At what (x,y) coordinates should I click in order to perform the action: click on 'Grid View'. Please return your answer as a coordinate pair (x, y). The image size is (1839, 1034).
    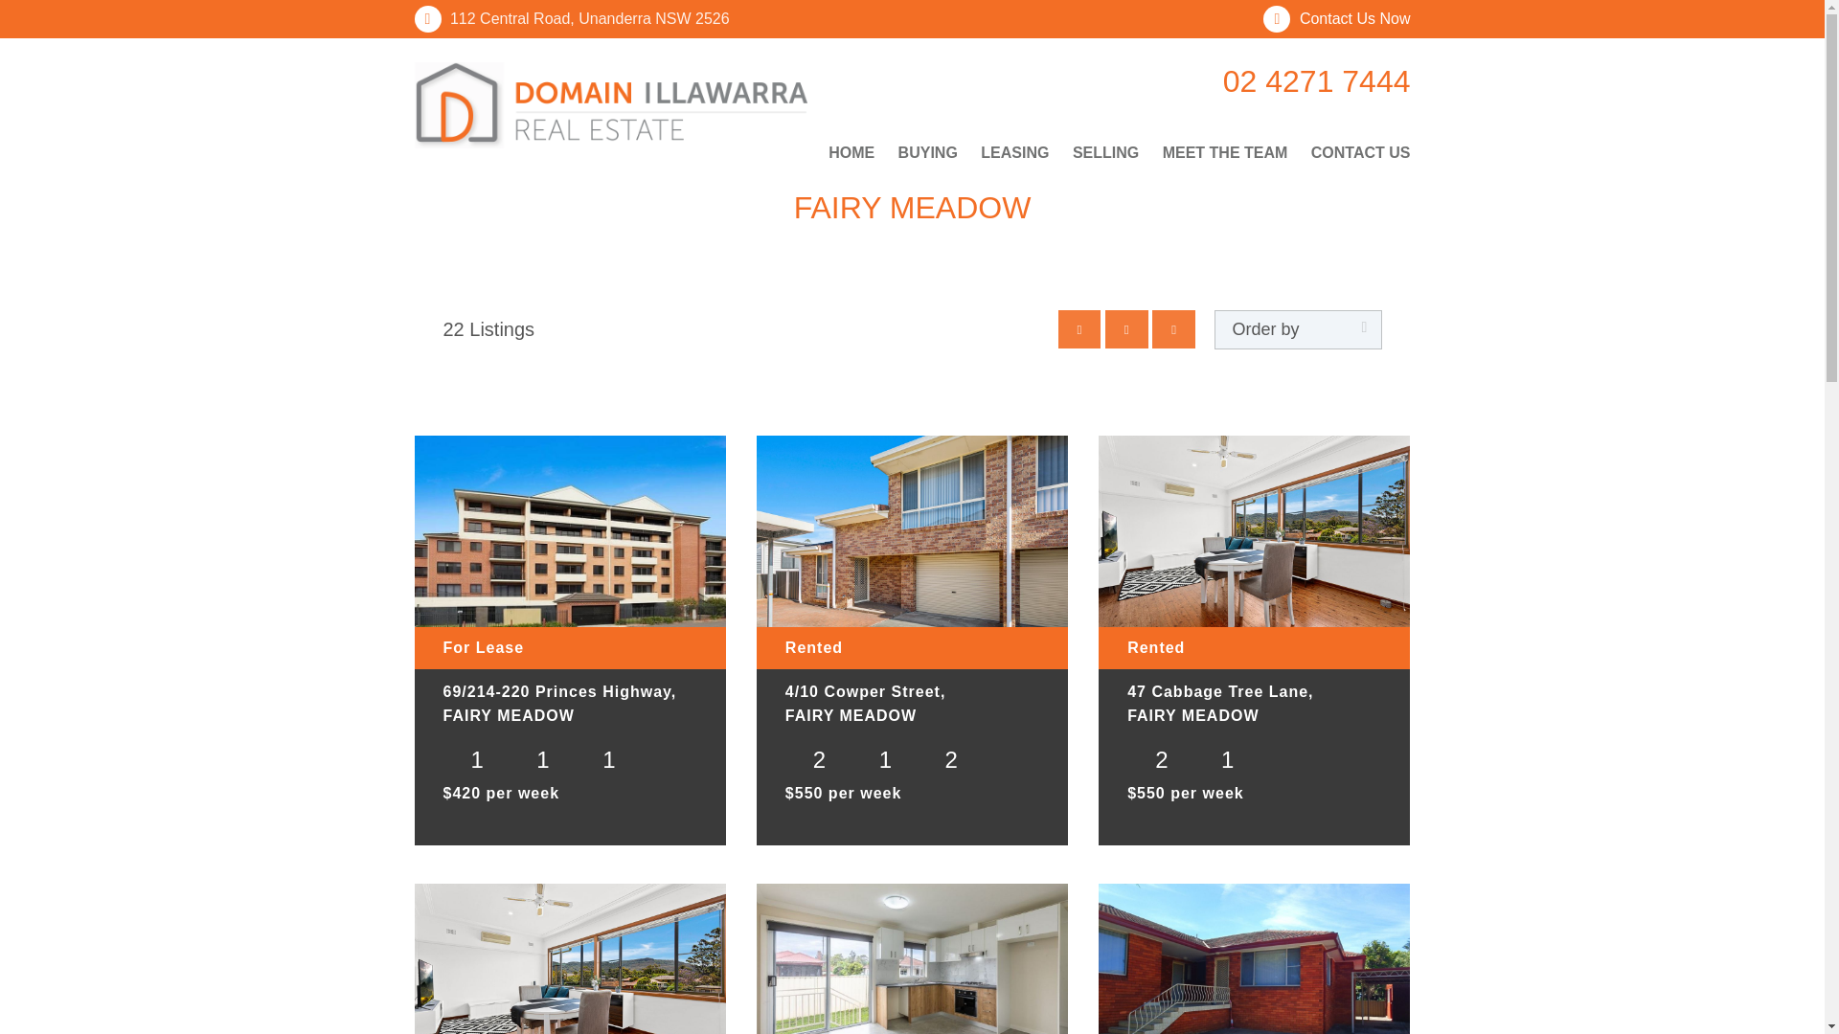
    Looking at the image, I should click on (1126, 327).